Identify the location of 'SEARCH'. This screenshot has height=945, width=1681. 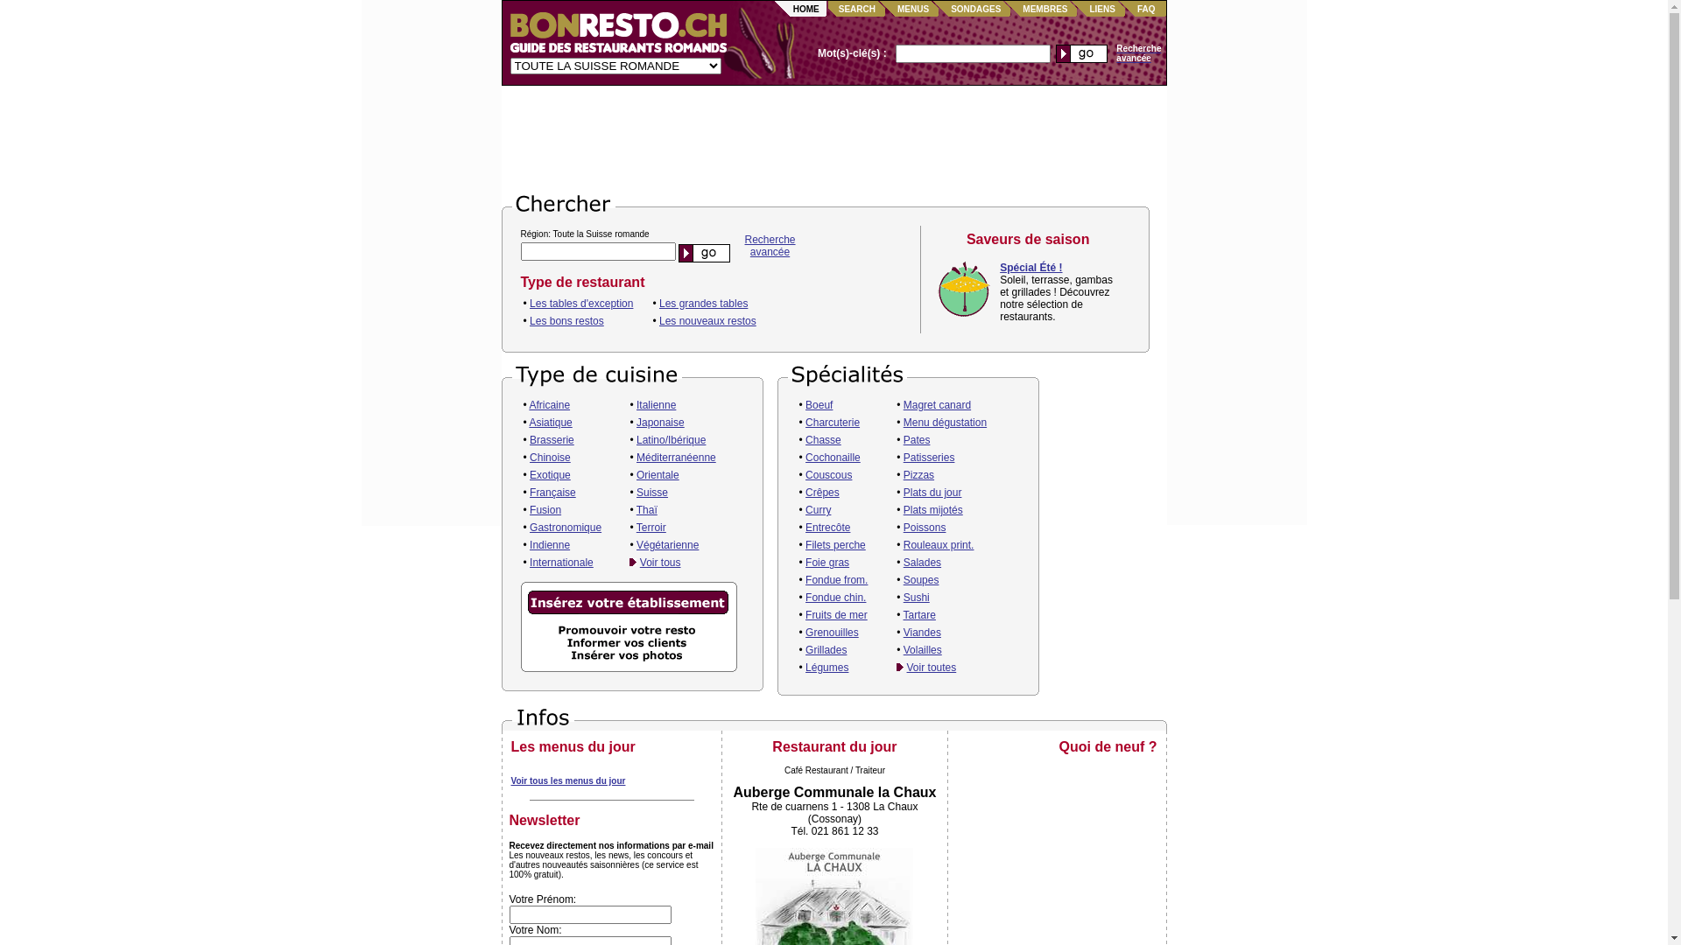
(857, 8).